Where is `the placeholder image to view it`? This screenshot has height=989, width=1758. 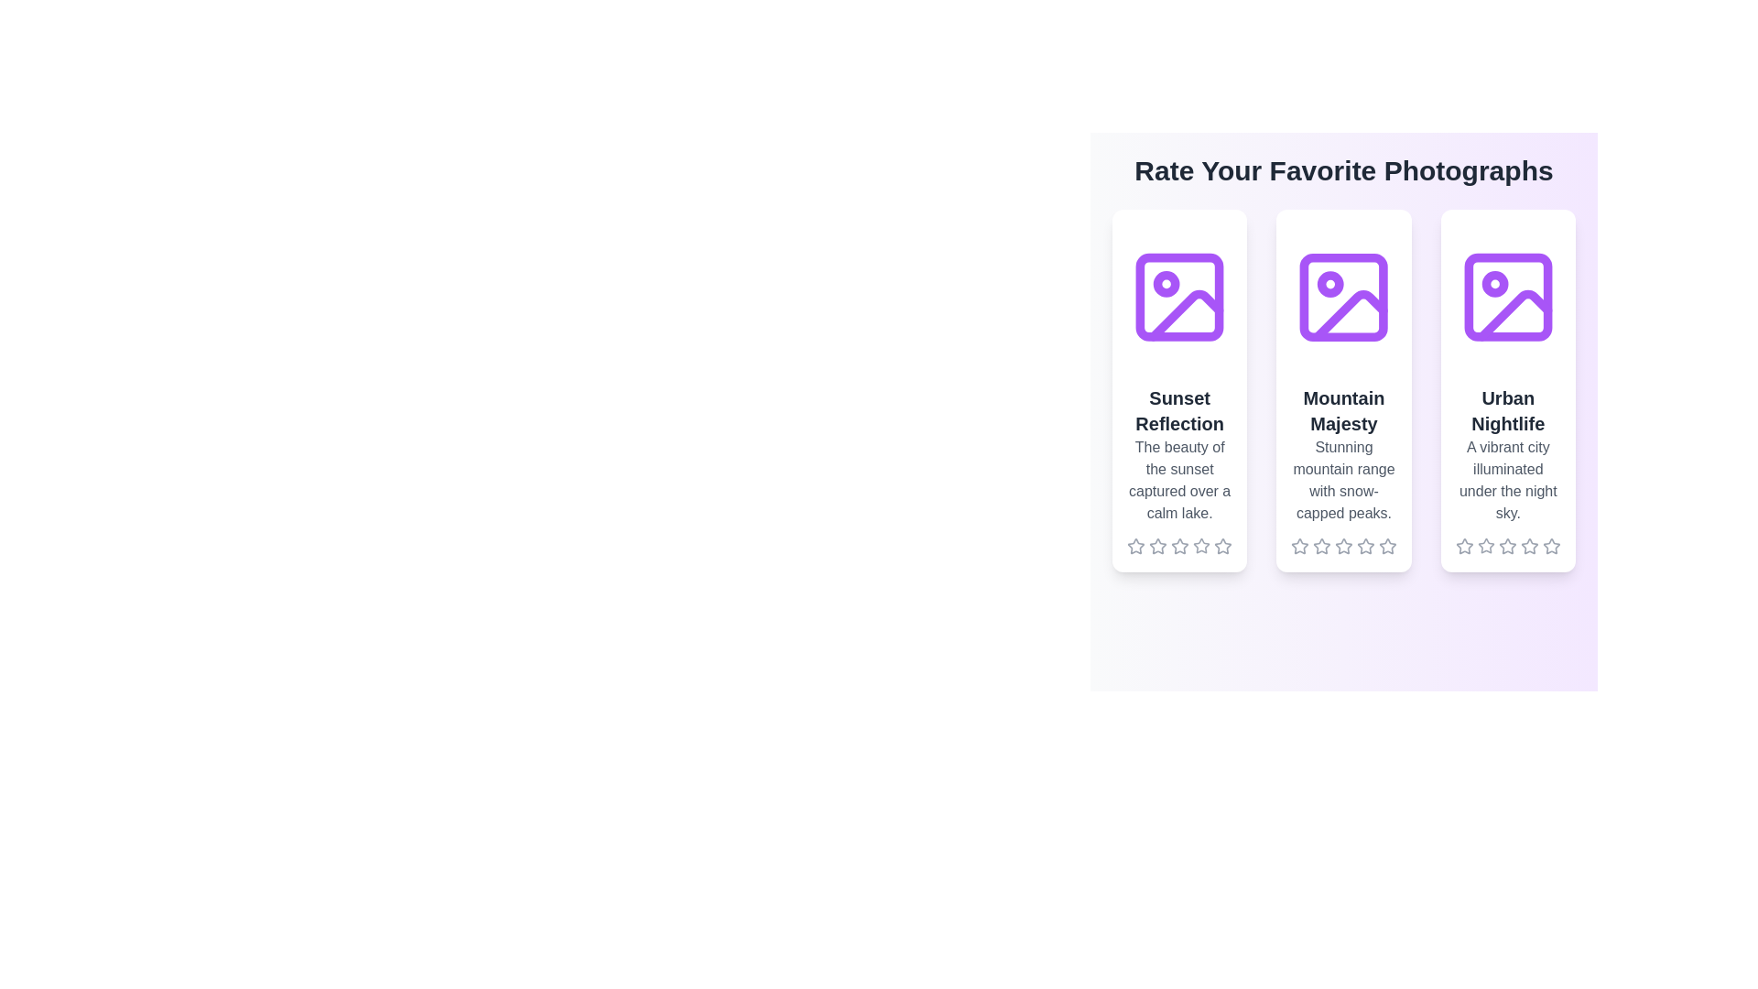
the placeholder image to view it is located at coordinates (1179, 296).